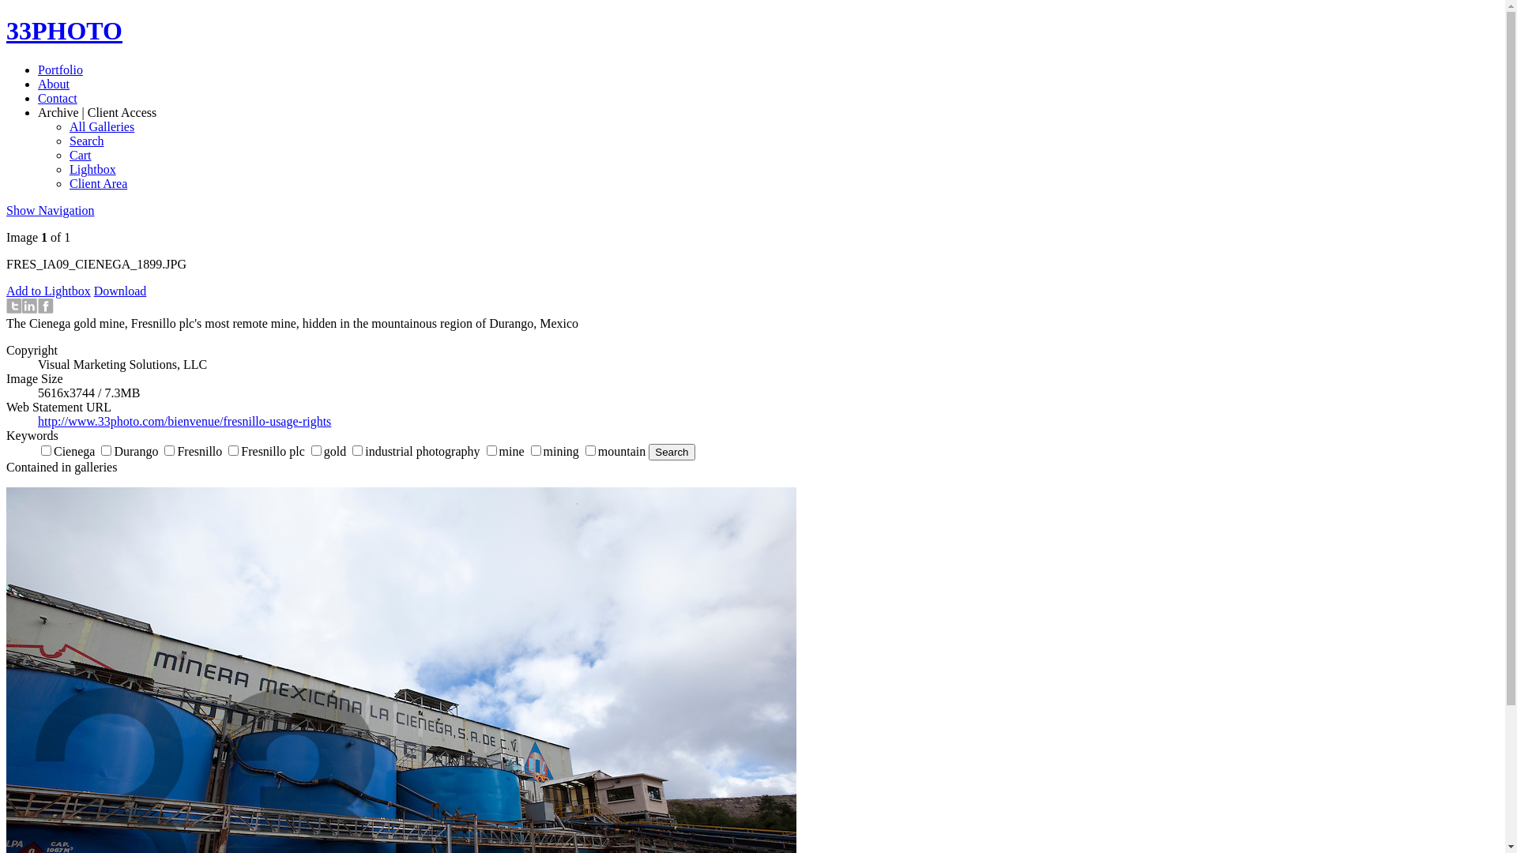  What do you see at coordinates (92, 169) in the screenshot?
I see `'Lightbox'` at bounding box center [92, 169].